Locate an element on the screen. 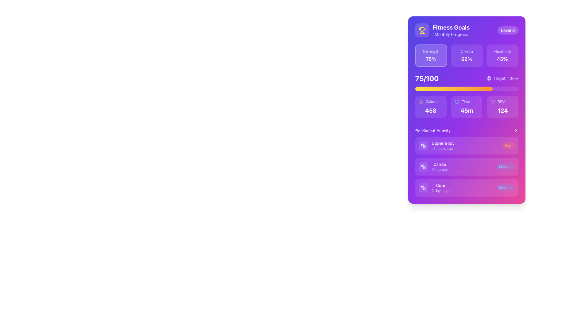 The height and width of the screenshot is (316, 563). the rectangular card displaying 'Strength' with a bold '75%' below, located in the top-left corner of the grid is located at coordinates (431, 55).